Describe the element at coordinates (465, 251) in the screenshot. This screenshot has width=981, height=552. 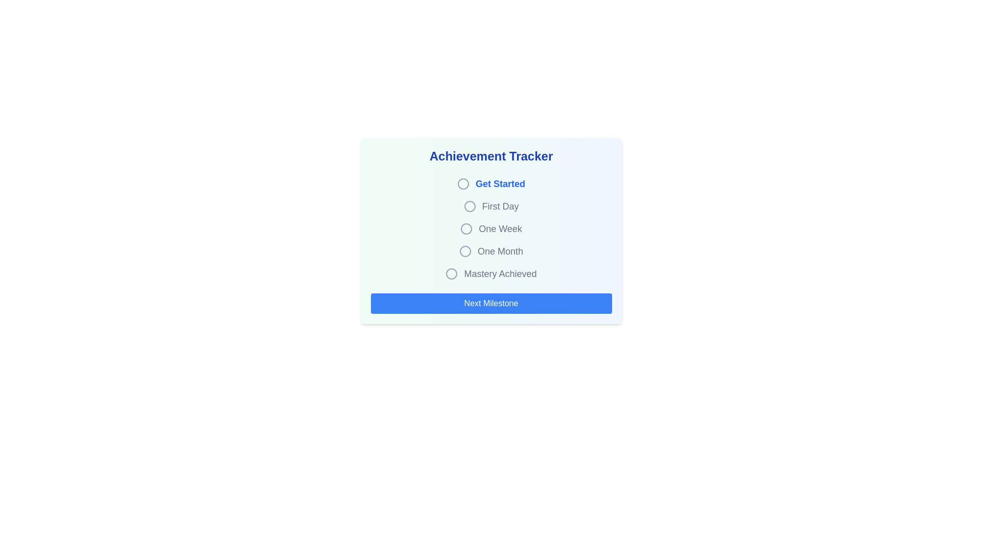
I see `the radio button labeled 'One Month' in the Achievement Tracker section` at that location.